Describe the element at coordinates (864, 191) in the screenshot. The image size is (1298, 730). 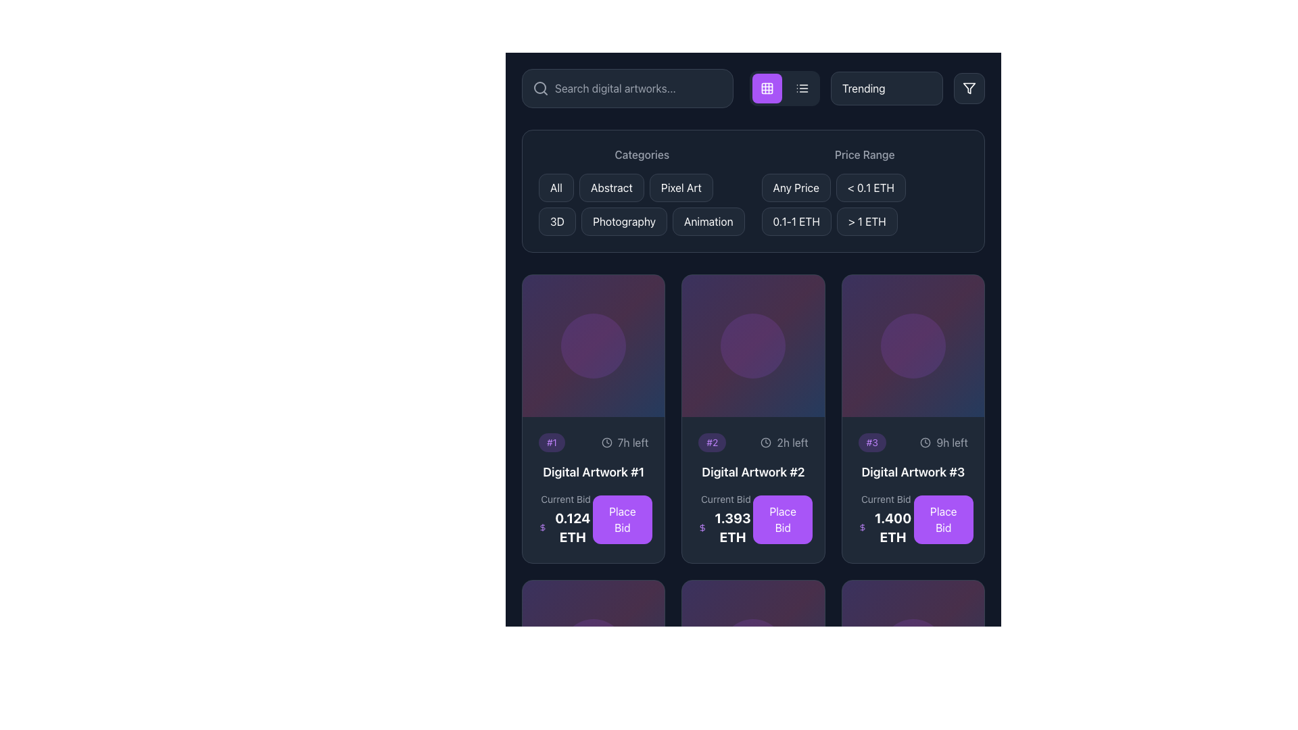
I see `the '< 0.1 ETH' filter button located in the 'Price Range' section, which is the second button in the upper row, to the right of 'Any Price'` at that location.